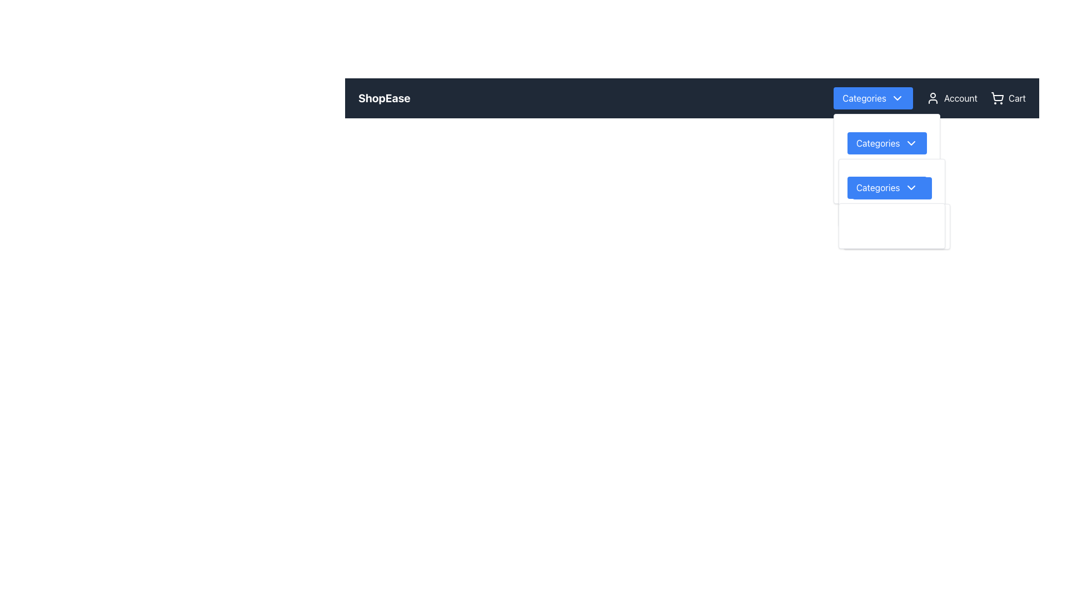 Image resolution: width=1067 pixels, height=600 pixels. Describe the element at coordinates (951, 98) in the screenshot. I see `the 'Account' button located on the right side of the top navigation bar, next to the user icon` at that location.